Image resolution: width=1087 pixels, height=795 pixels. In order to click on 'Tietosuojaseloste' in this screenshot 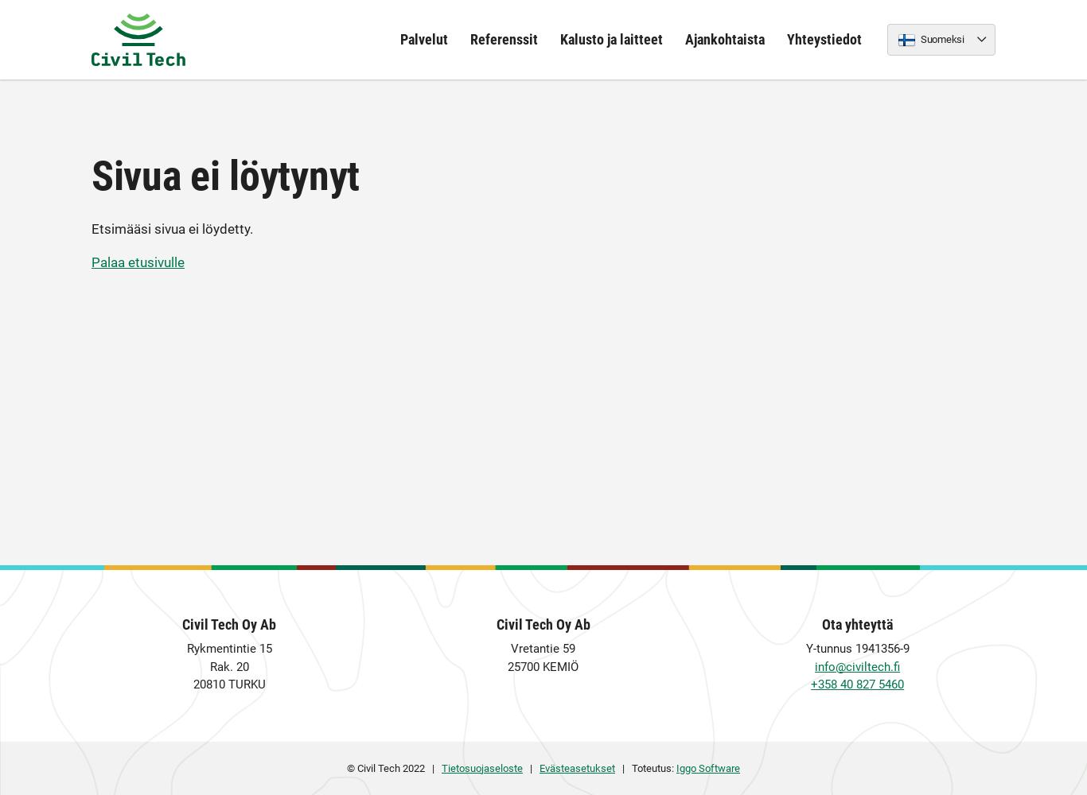, I will do `click(481, 766)`.